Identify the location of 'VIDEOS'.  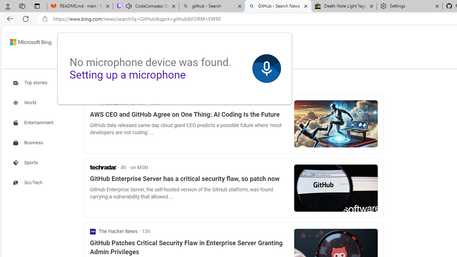
(169, 61).